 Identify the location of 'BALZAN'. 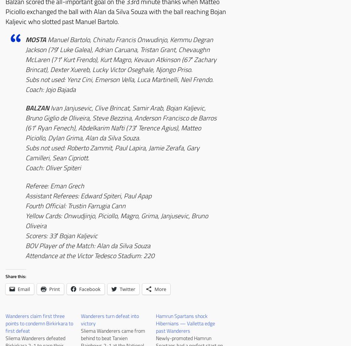
(37, 107).